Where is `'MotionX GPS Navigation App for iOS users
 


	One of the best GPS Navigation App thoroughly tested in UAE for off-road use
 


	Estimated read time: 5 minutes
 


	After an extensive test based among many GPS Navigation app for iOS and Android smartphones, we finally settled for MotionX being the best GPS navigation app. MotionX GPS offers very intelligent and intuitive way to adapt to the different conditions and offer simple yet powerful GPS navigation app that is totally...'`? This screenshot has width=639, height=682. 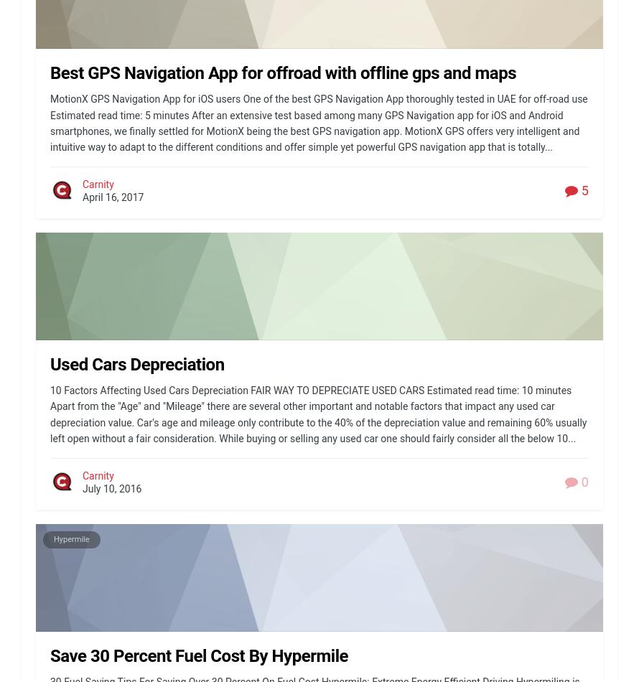 'MotionX GPS Navigation App for iOS users
 


	One of the best GPS Navigation App thoroughly tested in UAE for off-road use
 


	Estimated read time: 5 minutes
 


	After an extensive test based among many GPS Navigation app for iOS and Android smartphones, we finally settled for MotionX being the best GPS navigation app. MotionX GPS offers very intelligent and intuitive way to adapt to the different conditions and offer simple yet powerful GPS navigation app that is totally...' is located at coordinates (50, 123).